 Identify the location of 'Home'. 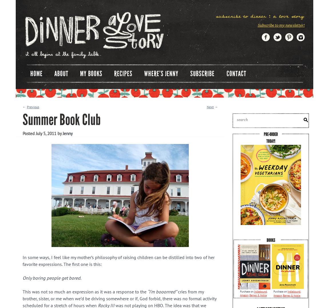
(36, 73).